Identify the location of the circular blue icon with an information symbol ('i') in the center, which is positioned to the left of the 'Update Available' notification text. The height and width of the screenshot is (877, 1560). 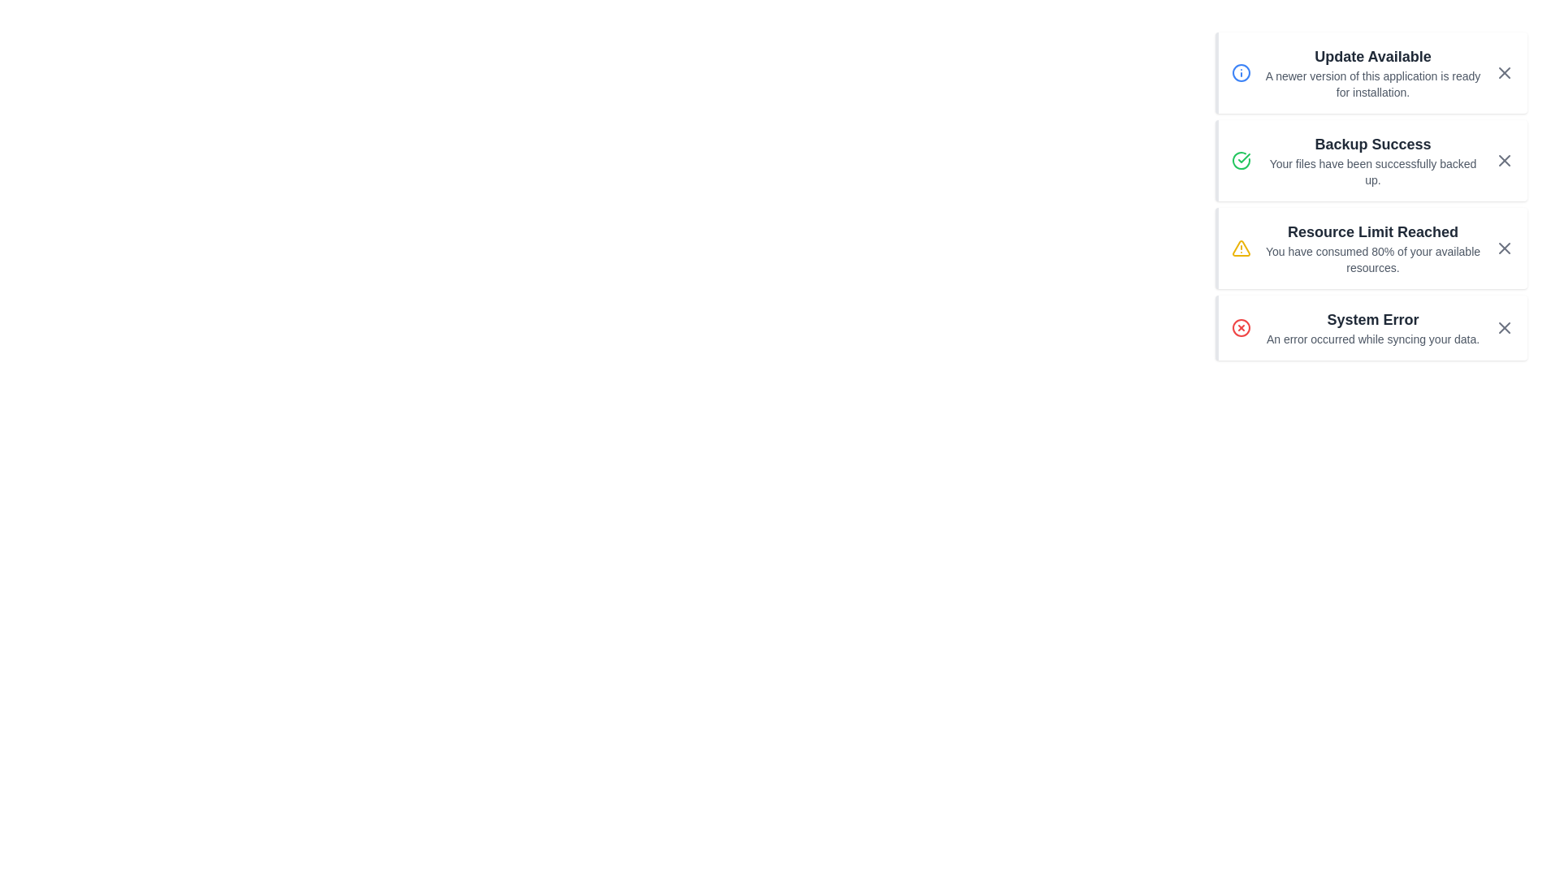
(1240, 71).